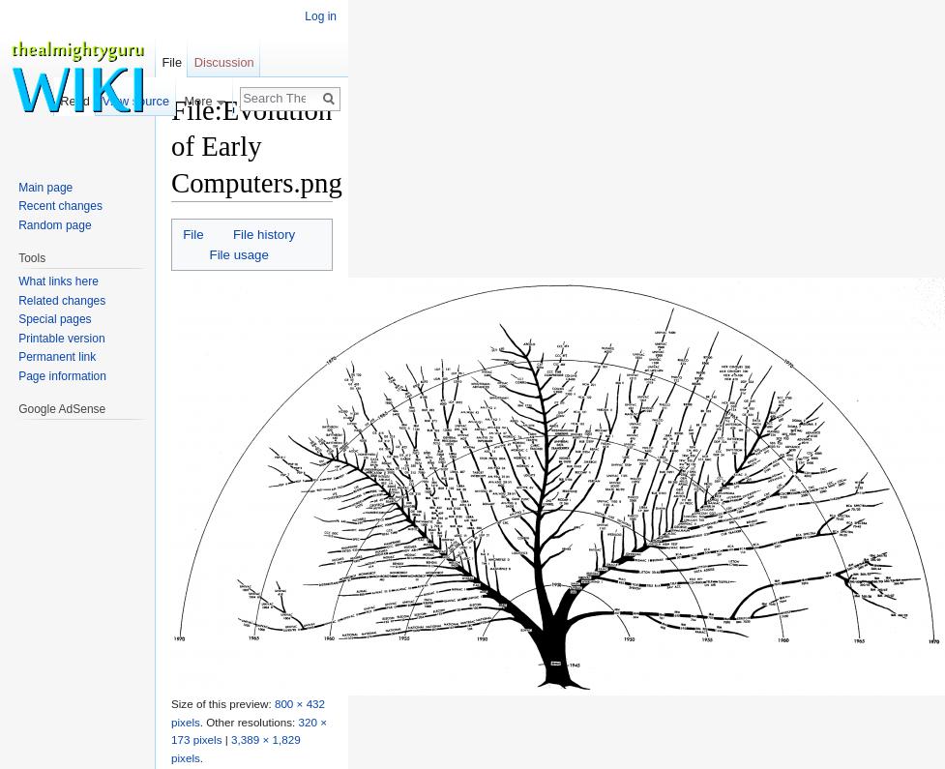 Image resolution: width=945 pixels, height=769 pixels. What do you see at coordinates (247, 711) in the screenshot?
I see `'800 × 432 pixels'` at bounding box center [247, 711].